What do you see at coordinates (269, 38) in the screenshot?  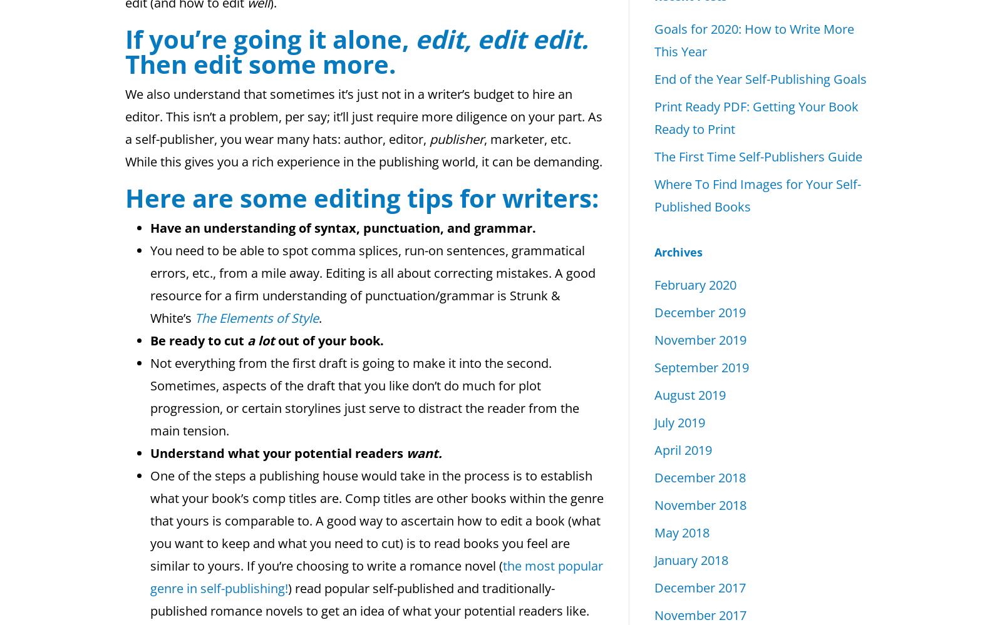 I see `'If you’re going it alone,'` at bounding box center [269, 38].